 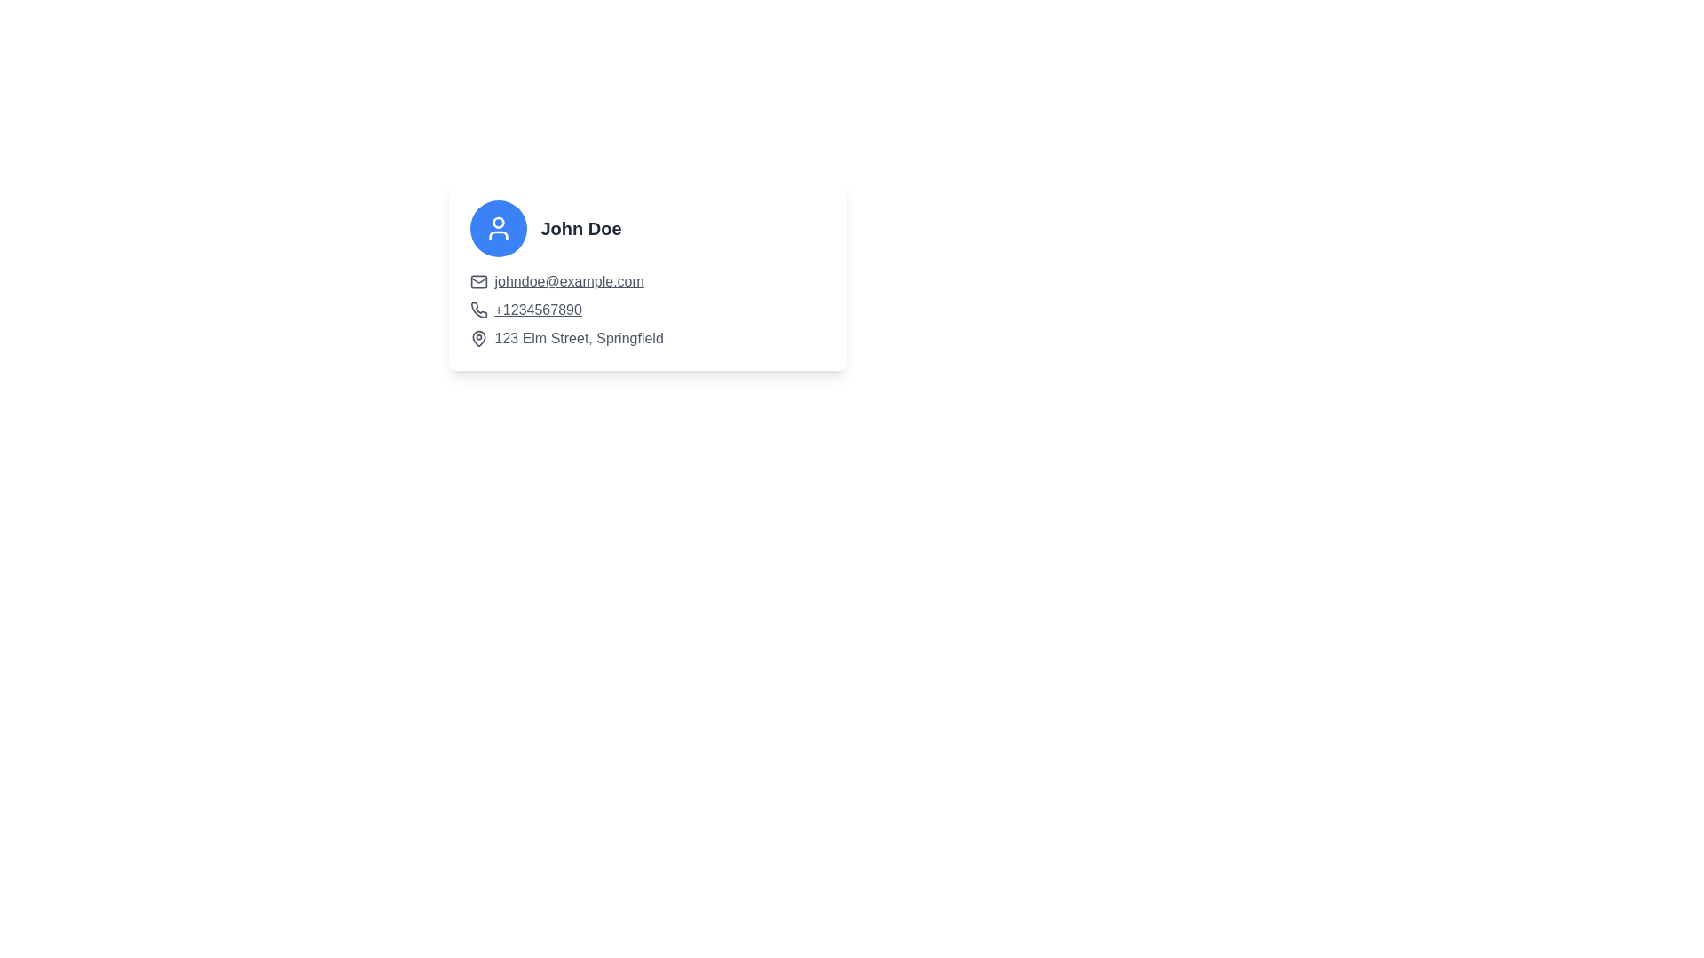 What do you see at coordinates (478, 338) in the screenshot?
I see `the pin-shaped icon located in the lower section of the card interface, near the address line` at bounding box center [478, 338].